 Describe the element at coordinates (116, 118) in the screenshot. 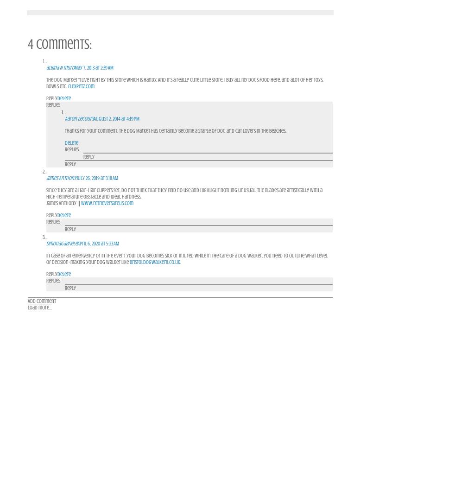

I see `'August 2, 2014 at 4:19 PM'` at that location.